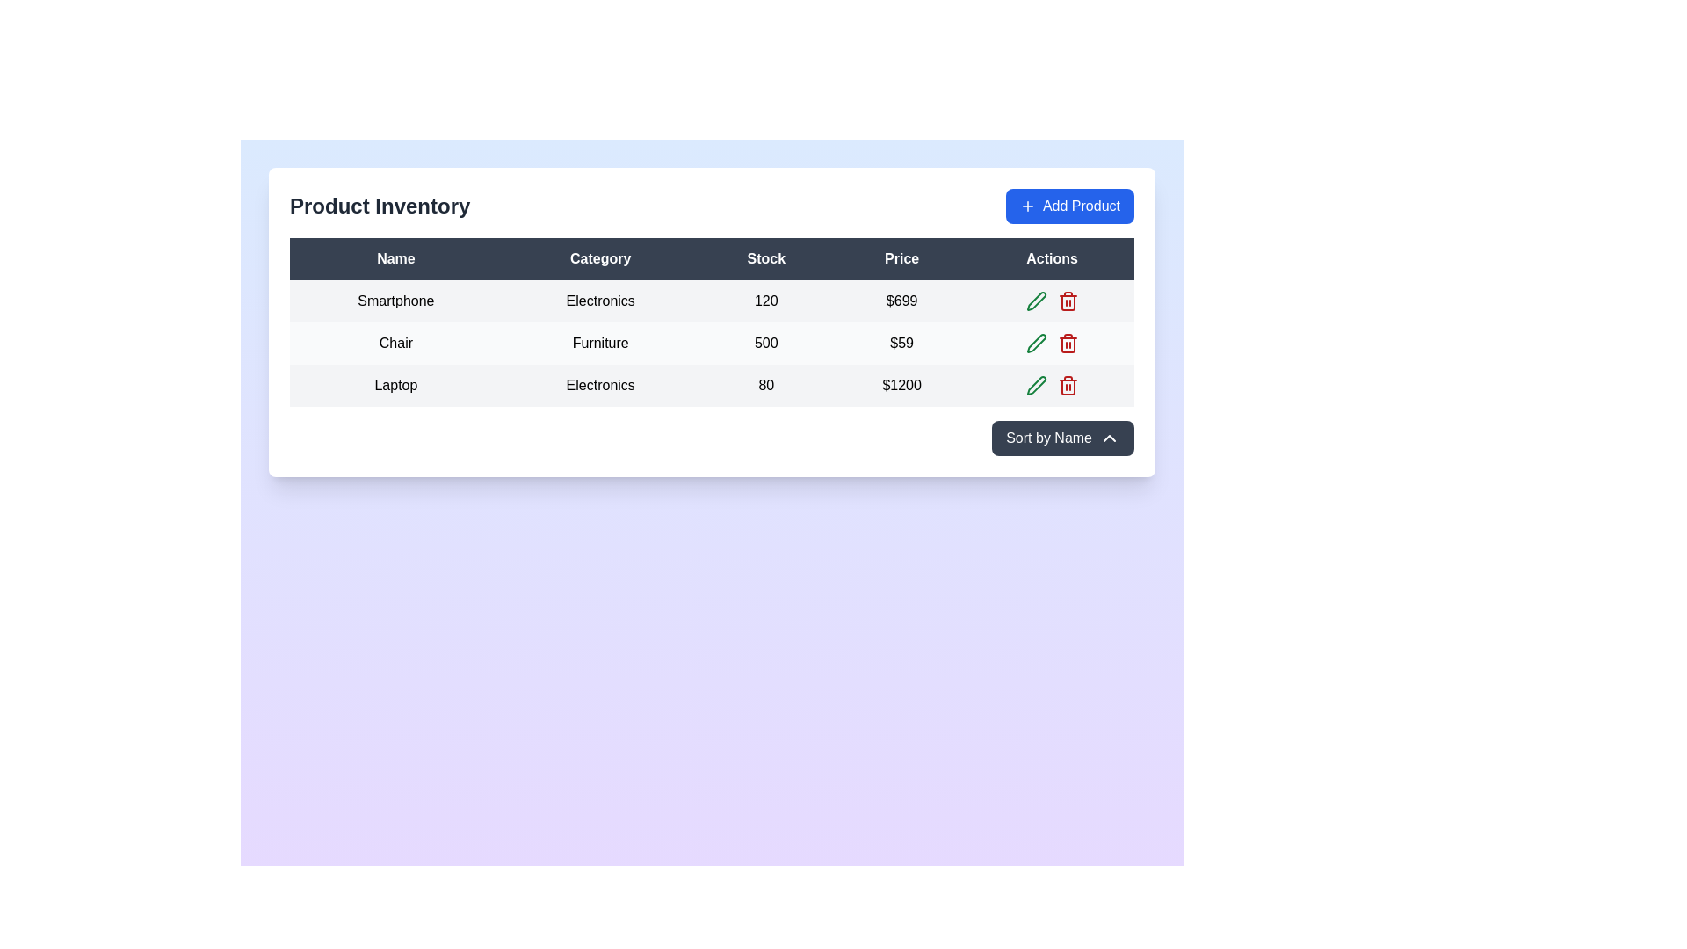 The width and height of the screenshot is (1687, 949). What do you see at coordinates (1108, 437) in the screenshot?
I see `the current sort direction represented by the upward-pointing chevron icon located to the right of the 'Sort by Name' text` at bounding box center [1108, 437].